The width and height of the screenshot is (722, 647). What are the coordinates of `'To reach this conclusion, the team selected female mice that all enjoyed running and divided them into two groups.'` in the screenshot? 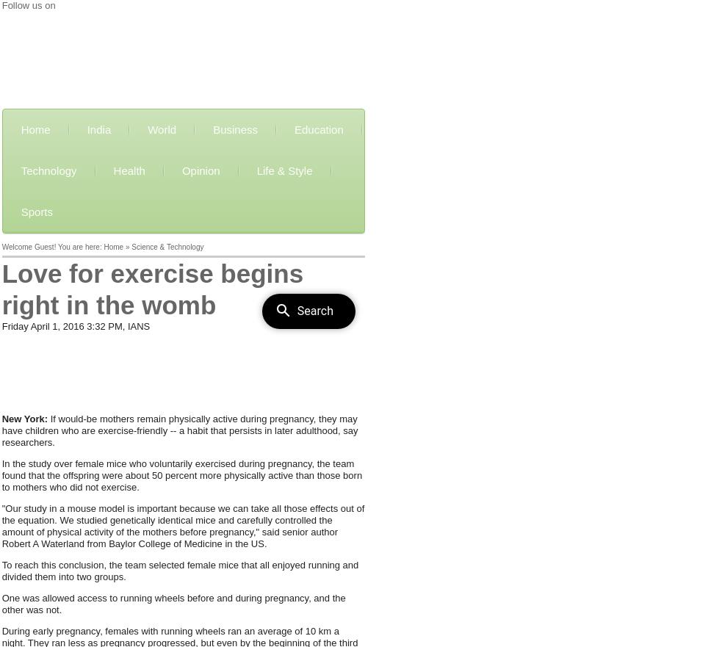 It's located at (0, 570).